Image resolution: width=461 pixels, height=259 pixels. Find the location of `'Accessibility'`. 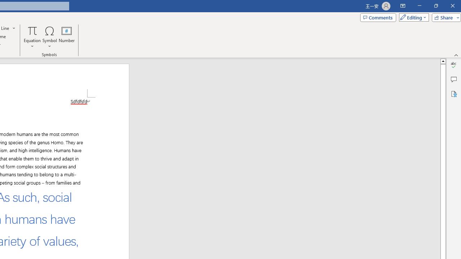

'Accessibility' is located at coordinates (453, 94).